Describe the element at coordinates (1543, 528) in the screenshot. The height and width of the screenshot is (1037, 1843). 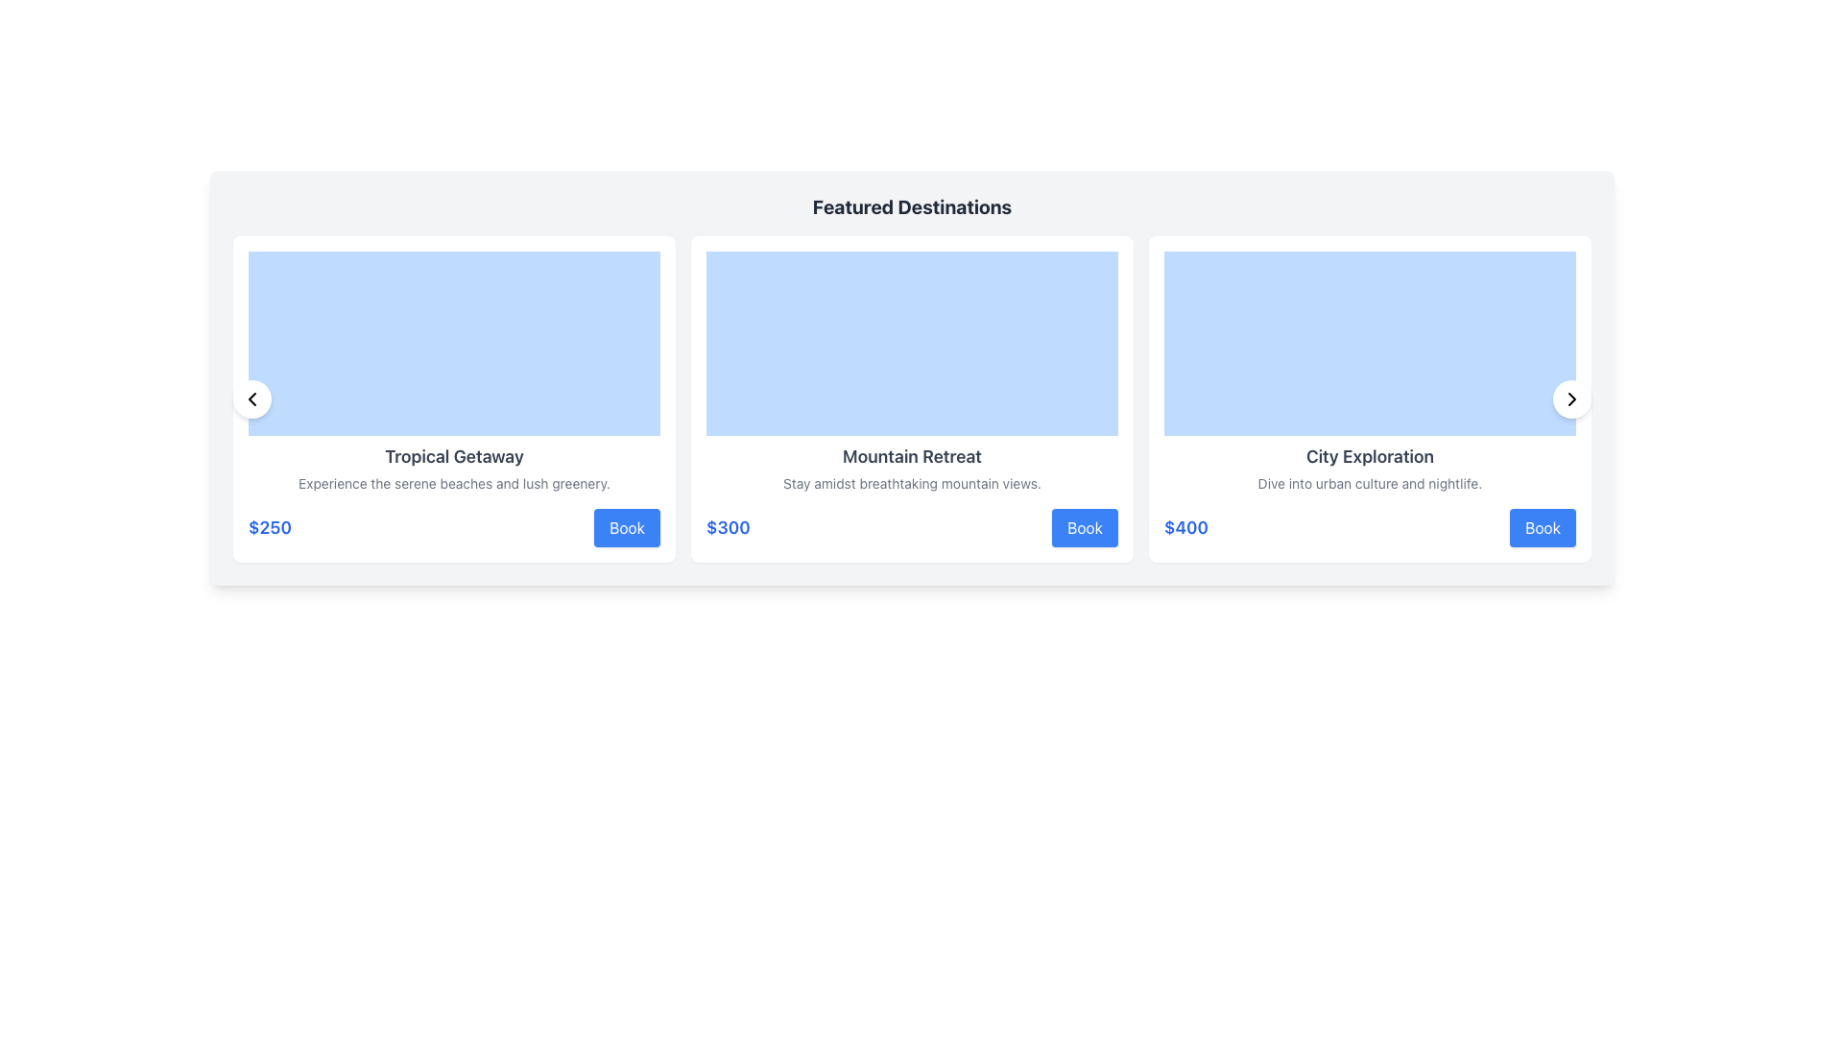
I see `the booking button located in the third card section under 'Featured Destinations'` at that location.